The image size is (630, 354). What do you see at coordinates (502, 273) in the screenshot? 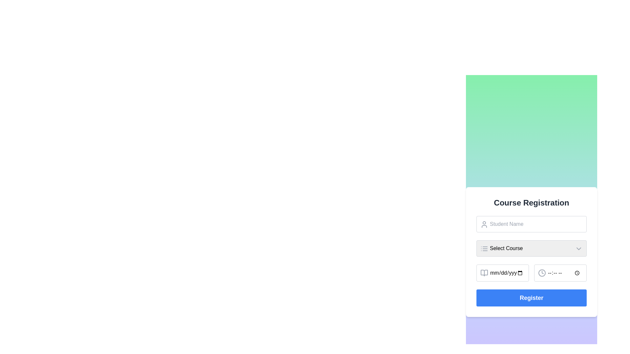
I see `the calendar icon on the right side of the date picker input field in the 'Course Registration' form` at bounding box center [502, 273].